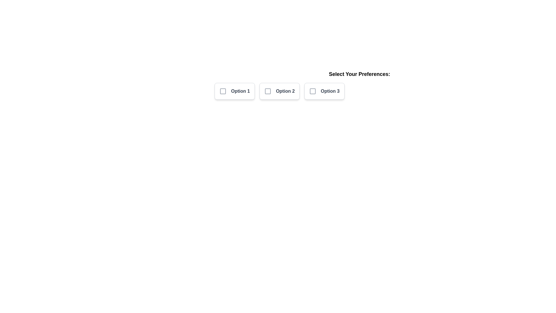  I want to click on the first Checkbox option, so click(235, 91).